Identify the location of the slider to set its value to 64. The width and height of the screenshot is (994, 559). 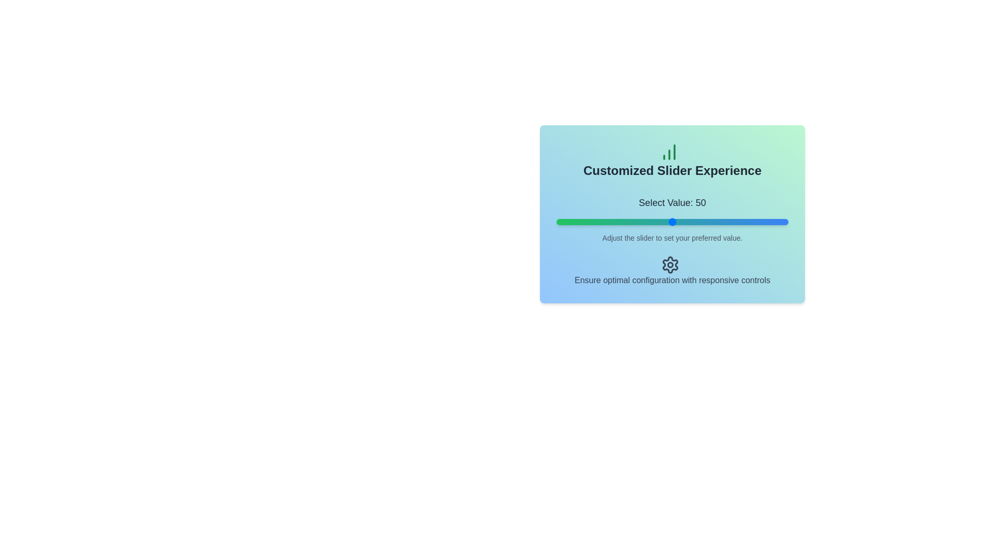
(704, 221).